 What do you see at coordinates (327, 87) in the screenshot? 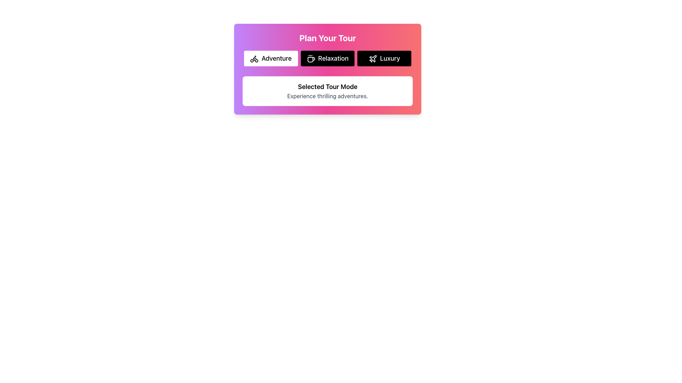
I see `the text label 'Selected Tour Mode' which is styled with a bold black font and positioned above the subtitle within a light background panel` at bounding box center [327, 87].